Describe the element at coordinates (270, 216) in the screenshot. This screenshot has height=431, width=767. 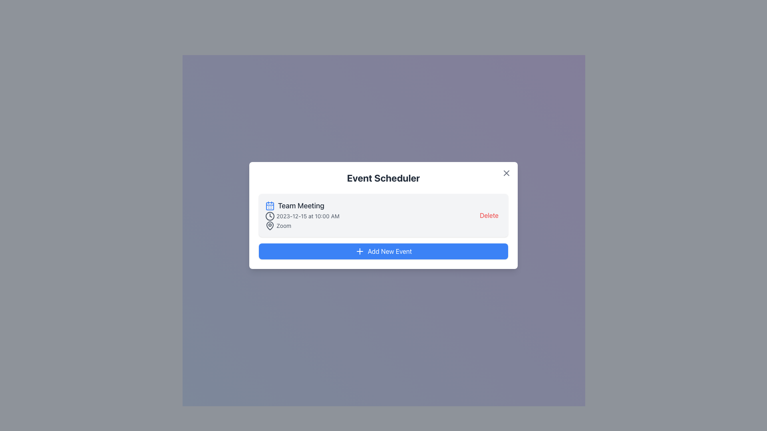
I see `the circular clock icon that represents time, located next to the scheduled event details text` at that location.